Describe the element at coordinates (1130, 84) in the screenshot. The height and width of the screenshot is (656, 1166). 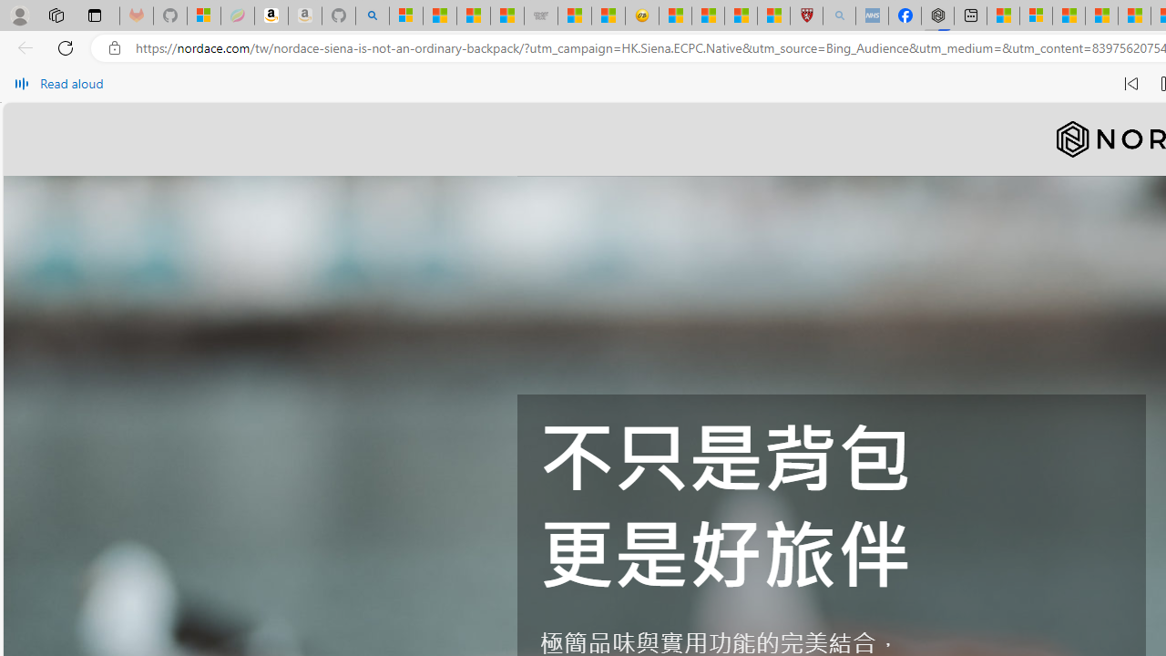
I see `'Read previous paragraph'` at that location.